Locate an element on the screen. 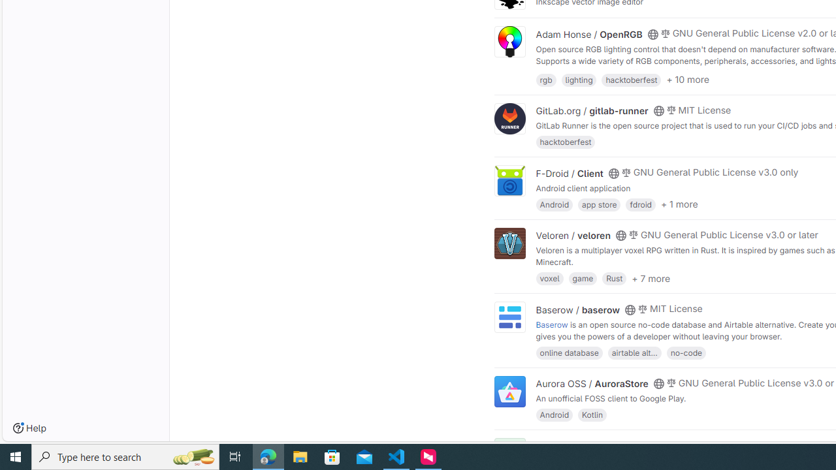  'app store' is located at coordinates (598, 204).